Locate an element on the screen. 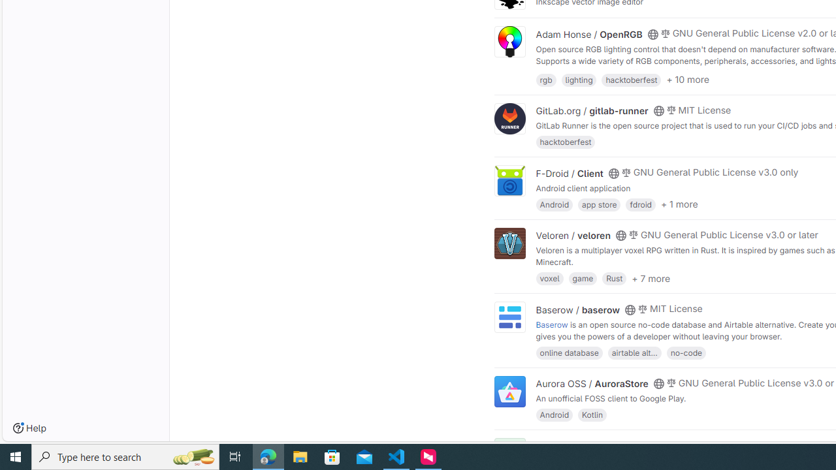  'app store' is located at coordinates (598, 204).